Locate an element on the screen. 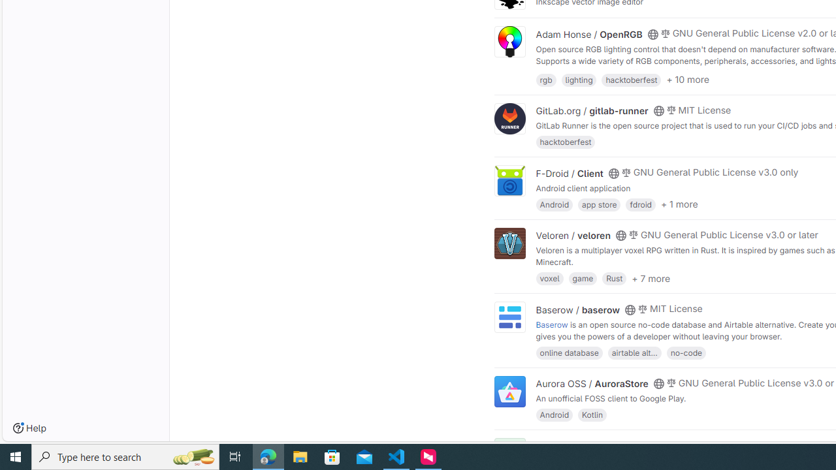  'app store' is located at coordinates (598, 204).